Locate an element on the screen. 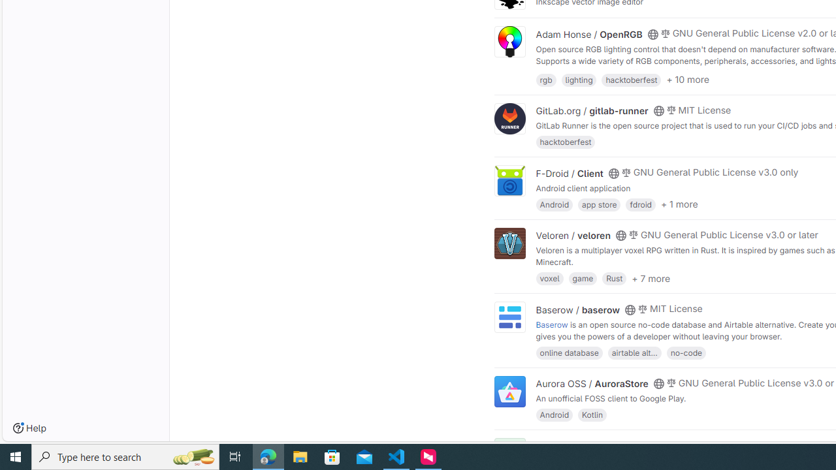  'app store' is located at coordinates (598, 204).